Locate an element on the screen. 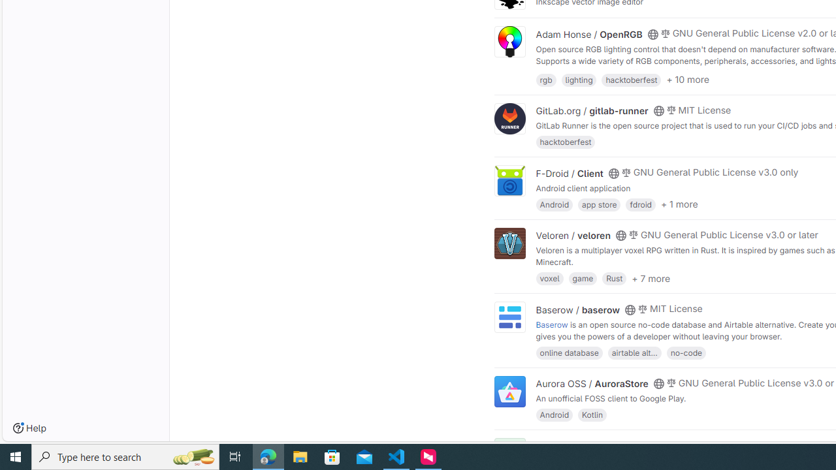  'app store' is located at coordinates (598, 204).